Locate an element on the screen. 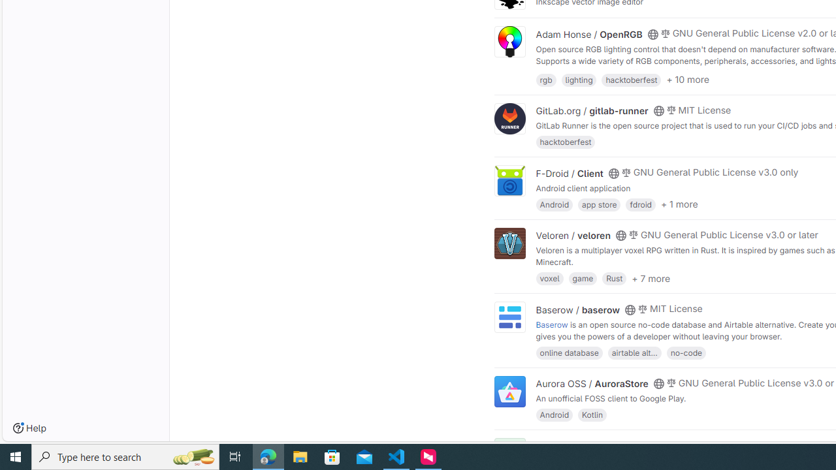  'app store' is located at coordinates (598, 204).